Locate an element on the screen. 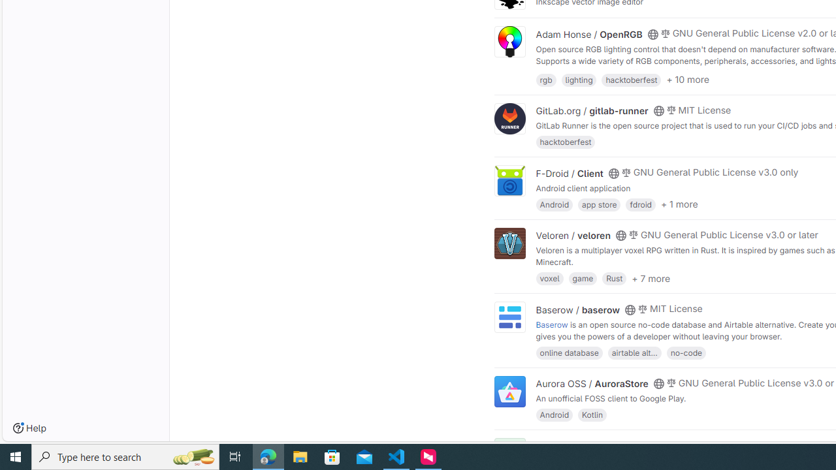  'app store' is located at coordinates (598, 204).